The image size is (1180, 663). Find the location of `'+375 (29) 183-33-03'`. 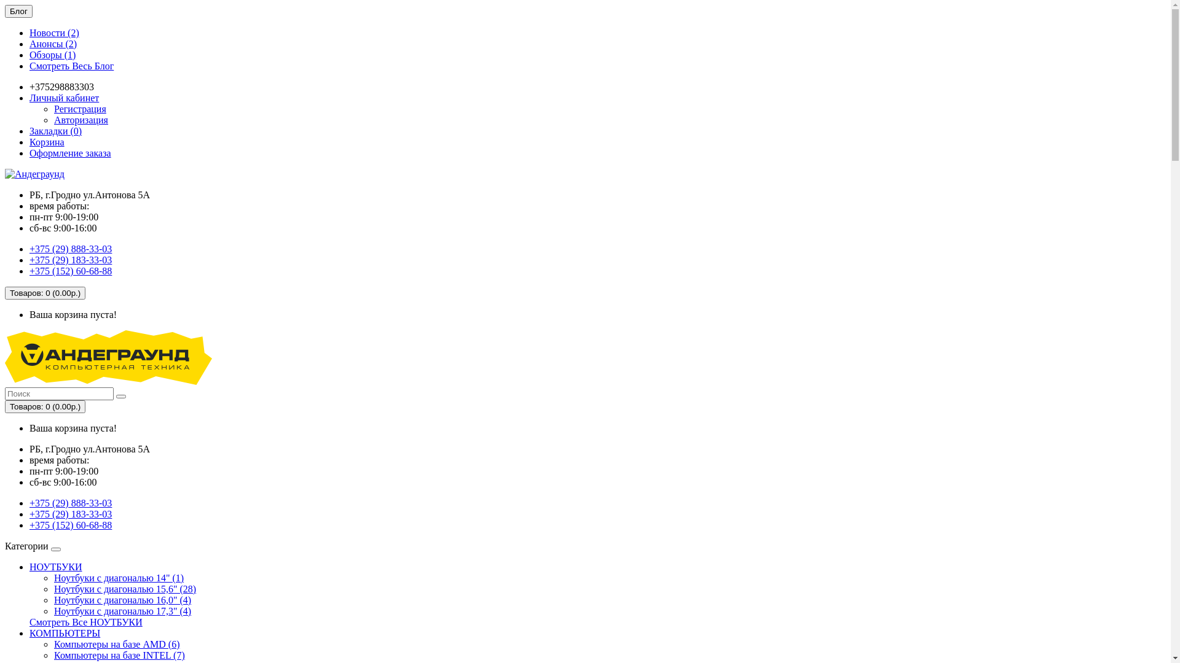

'+375 (29) 183-33-03' is located at coordinates (70, 259).